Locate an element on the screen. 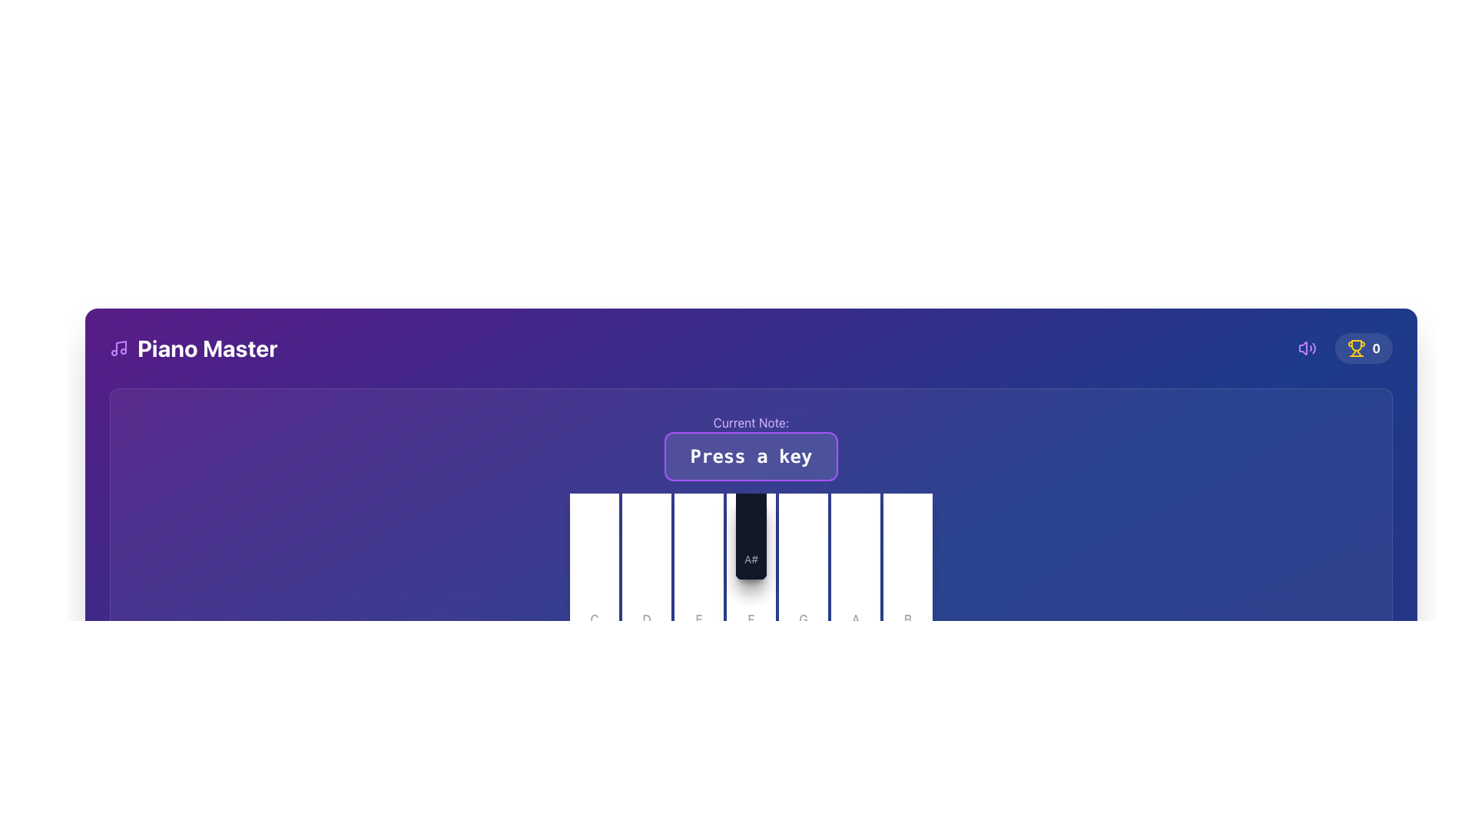 This screenshot has height=829, width=1475. the vector graphic representing a musical note within the purple-themed header layout, located to the left of the 'Piano Master' text is located at coordinates (121, 347).